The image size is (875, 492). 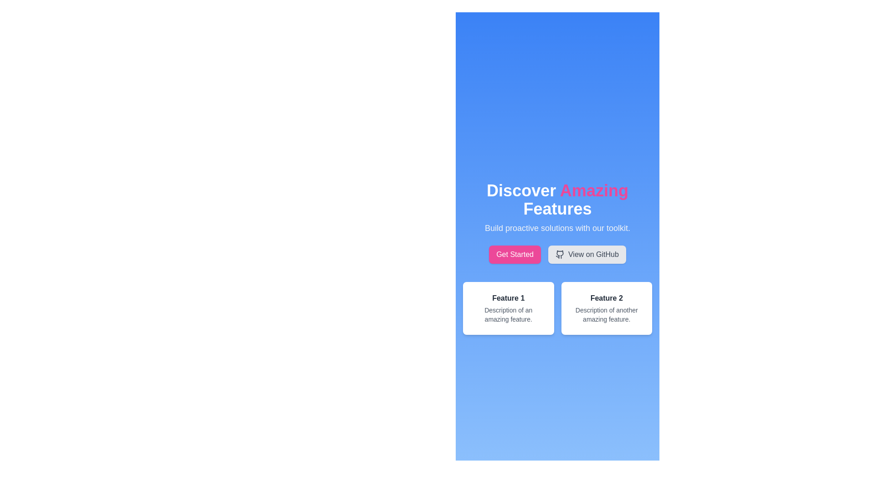 What do you see at coordinates (508, 298) in the screenshot?
I see `the Text Header element which serves as the title for the feature description block, positioned above the descriptive text 'Description of an amazing feature.'` at bounding box center [508, 298].